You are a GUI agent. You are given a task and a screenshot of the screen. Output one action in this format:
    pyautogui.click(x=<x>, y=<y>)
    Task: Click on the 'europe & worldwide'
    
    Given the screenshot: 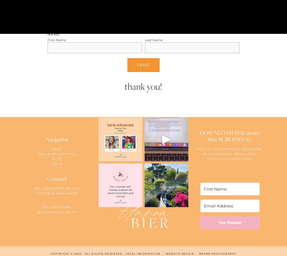 What is the action you would take?
    pyautogui.click(x=57, y=193)
    